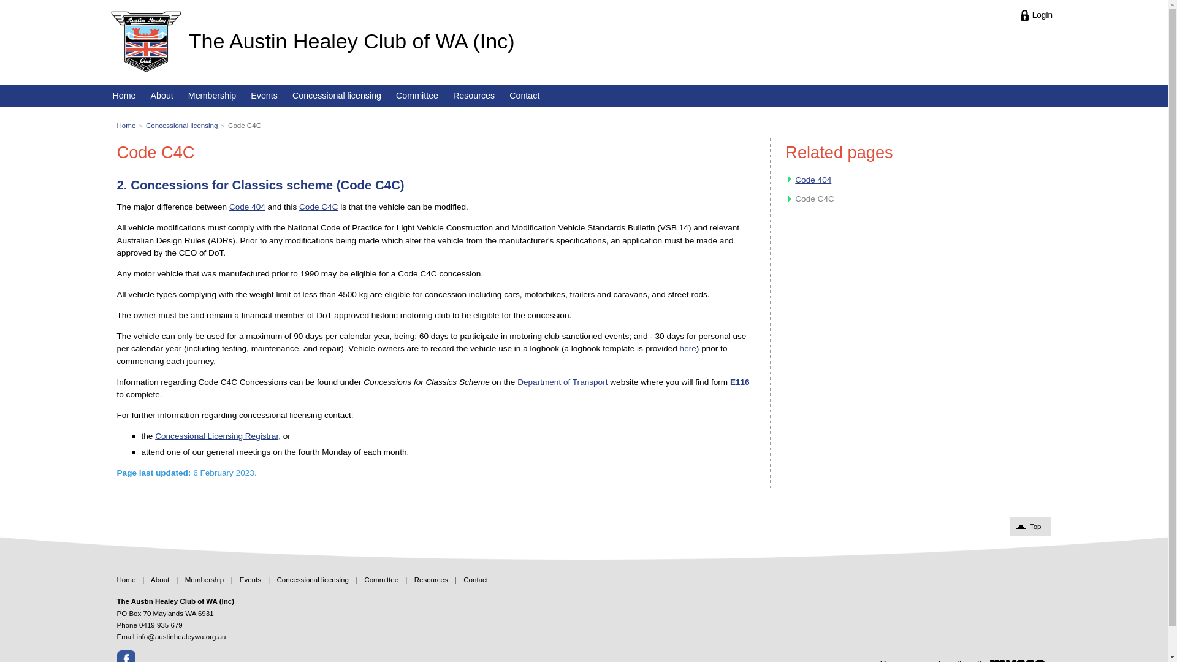  What do you see at coordinates (146, 40) in the screenshot?
I see `'Home page'` at bounding box center [146, 40].